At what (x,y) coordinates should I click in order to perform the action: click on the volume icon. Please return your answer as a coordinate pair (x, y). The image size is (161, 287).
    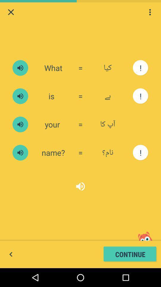
    Looking at the image, I should click on (20, 103).